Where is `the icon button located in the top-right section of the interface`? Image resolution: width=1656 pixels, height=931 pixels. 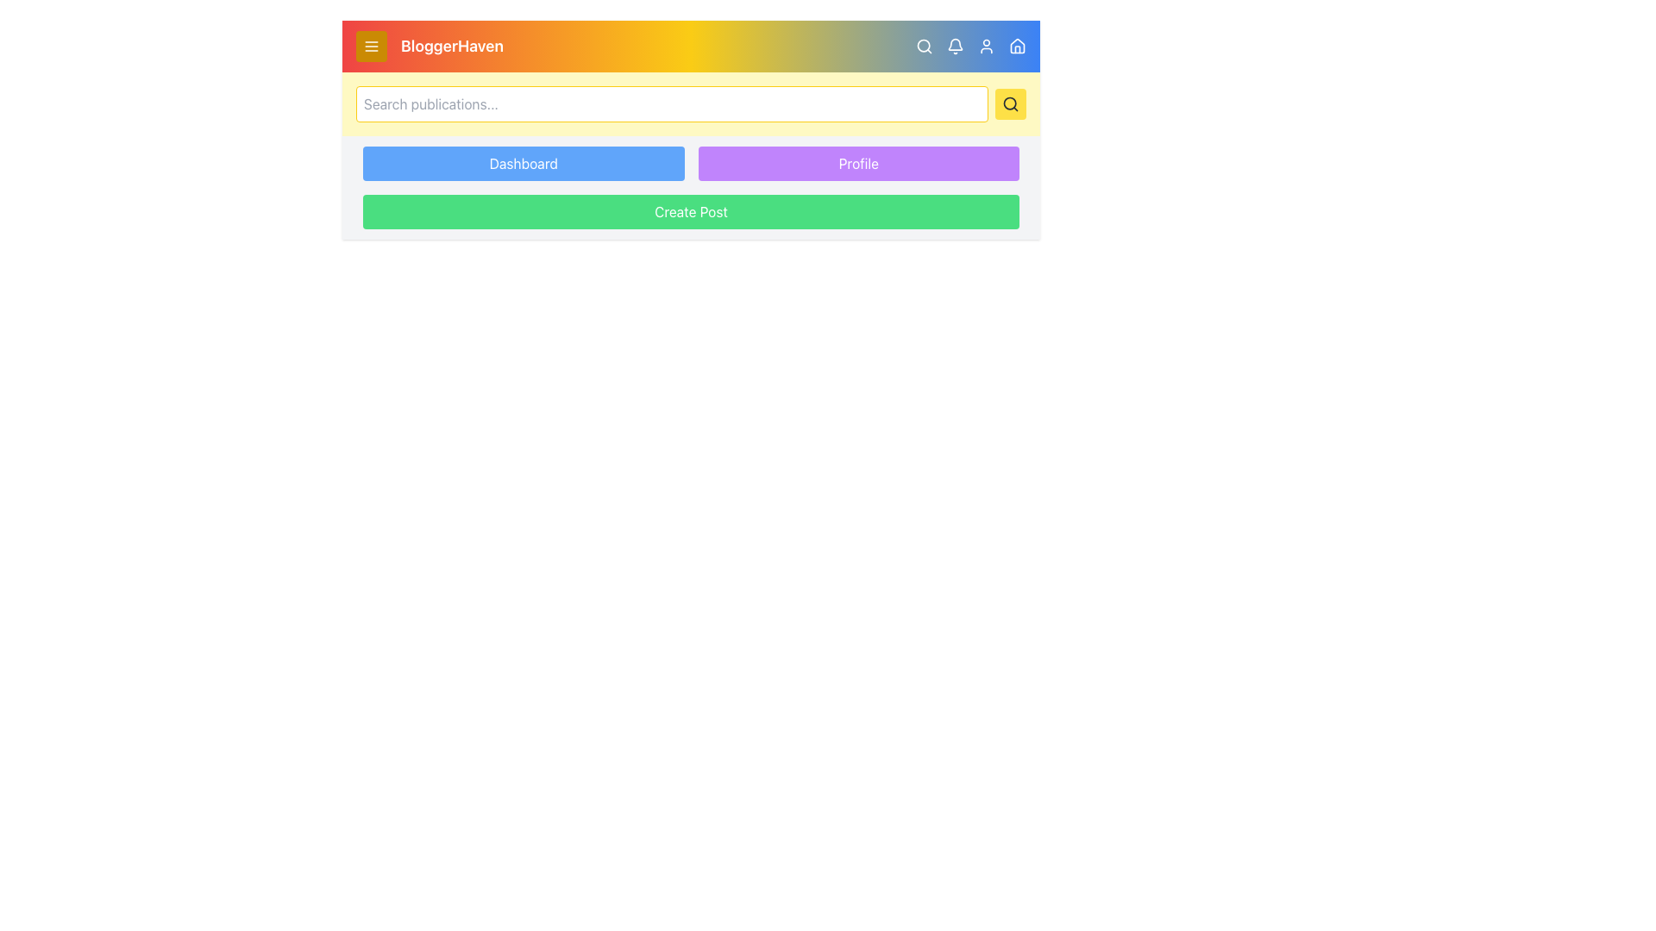 the icon button located in the top-right section of the interface is located at coordinates (1018, 46).